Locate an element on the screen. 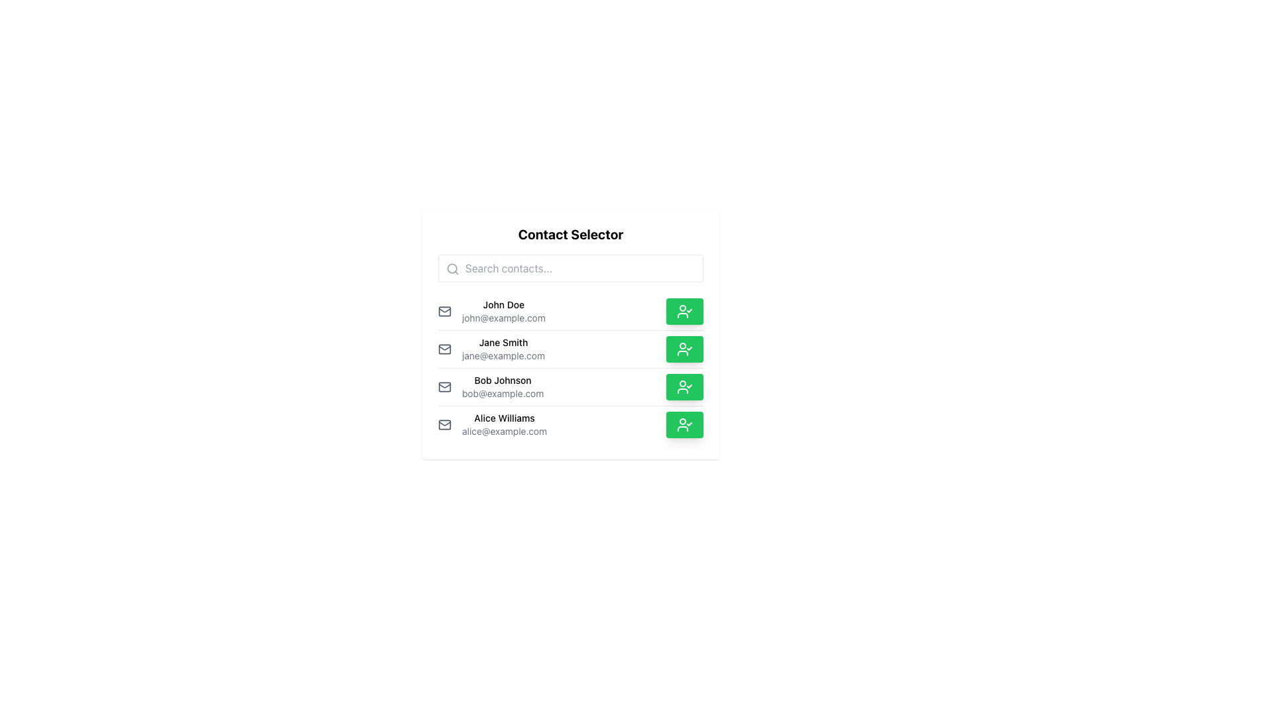  the text label displaying the email address 'bob@example.com' located beneath the name 'Bob Johnson' in the contact selector interface is located at coordinates (502, 393).